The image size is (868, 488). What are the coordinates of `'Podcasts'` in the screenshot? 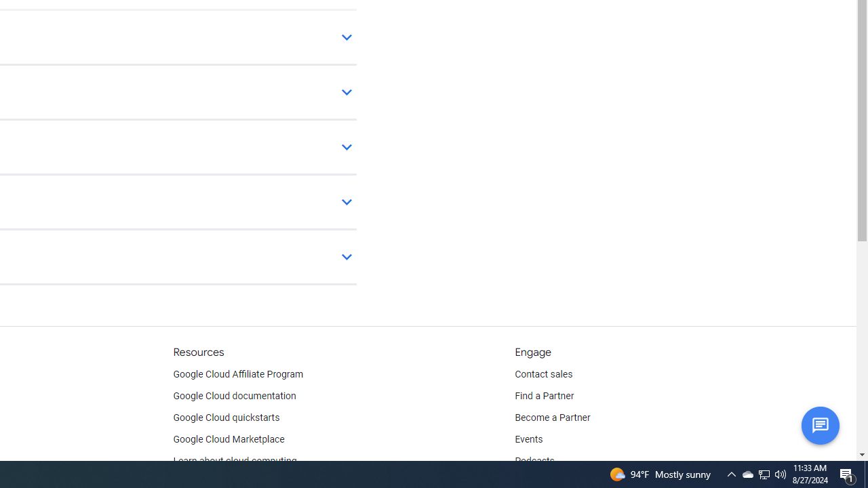 It's located at (534, 461).